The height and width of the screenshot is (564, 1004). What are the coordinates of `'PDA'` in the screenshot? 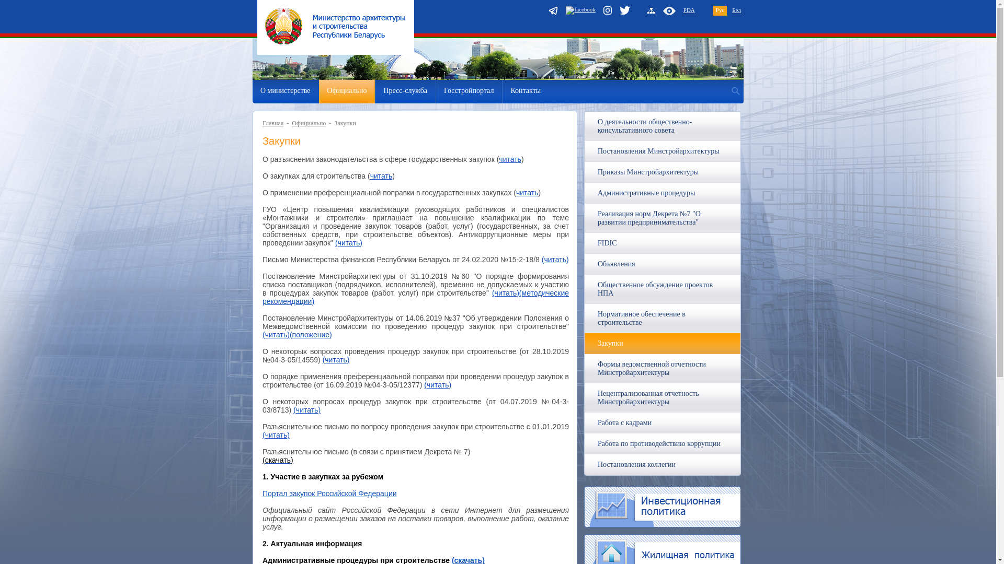 It's located at (689, 10).